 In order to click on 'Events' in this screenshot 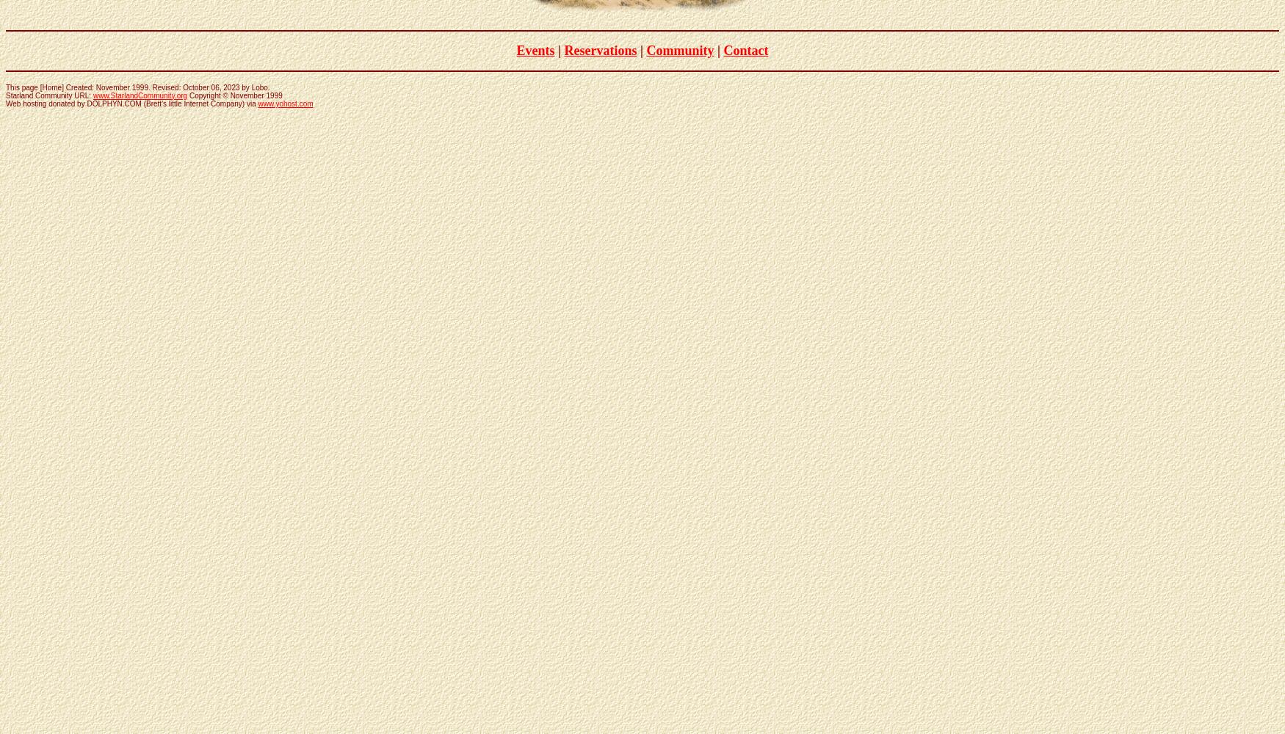, I will do `click(535, 49)`.